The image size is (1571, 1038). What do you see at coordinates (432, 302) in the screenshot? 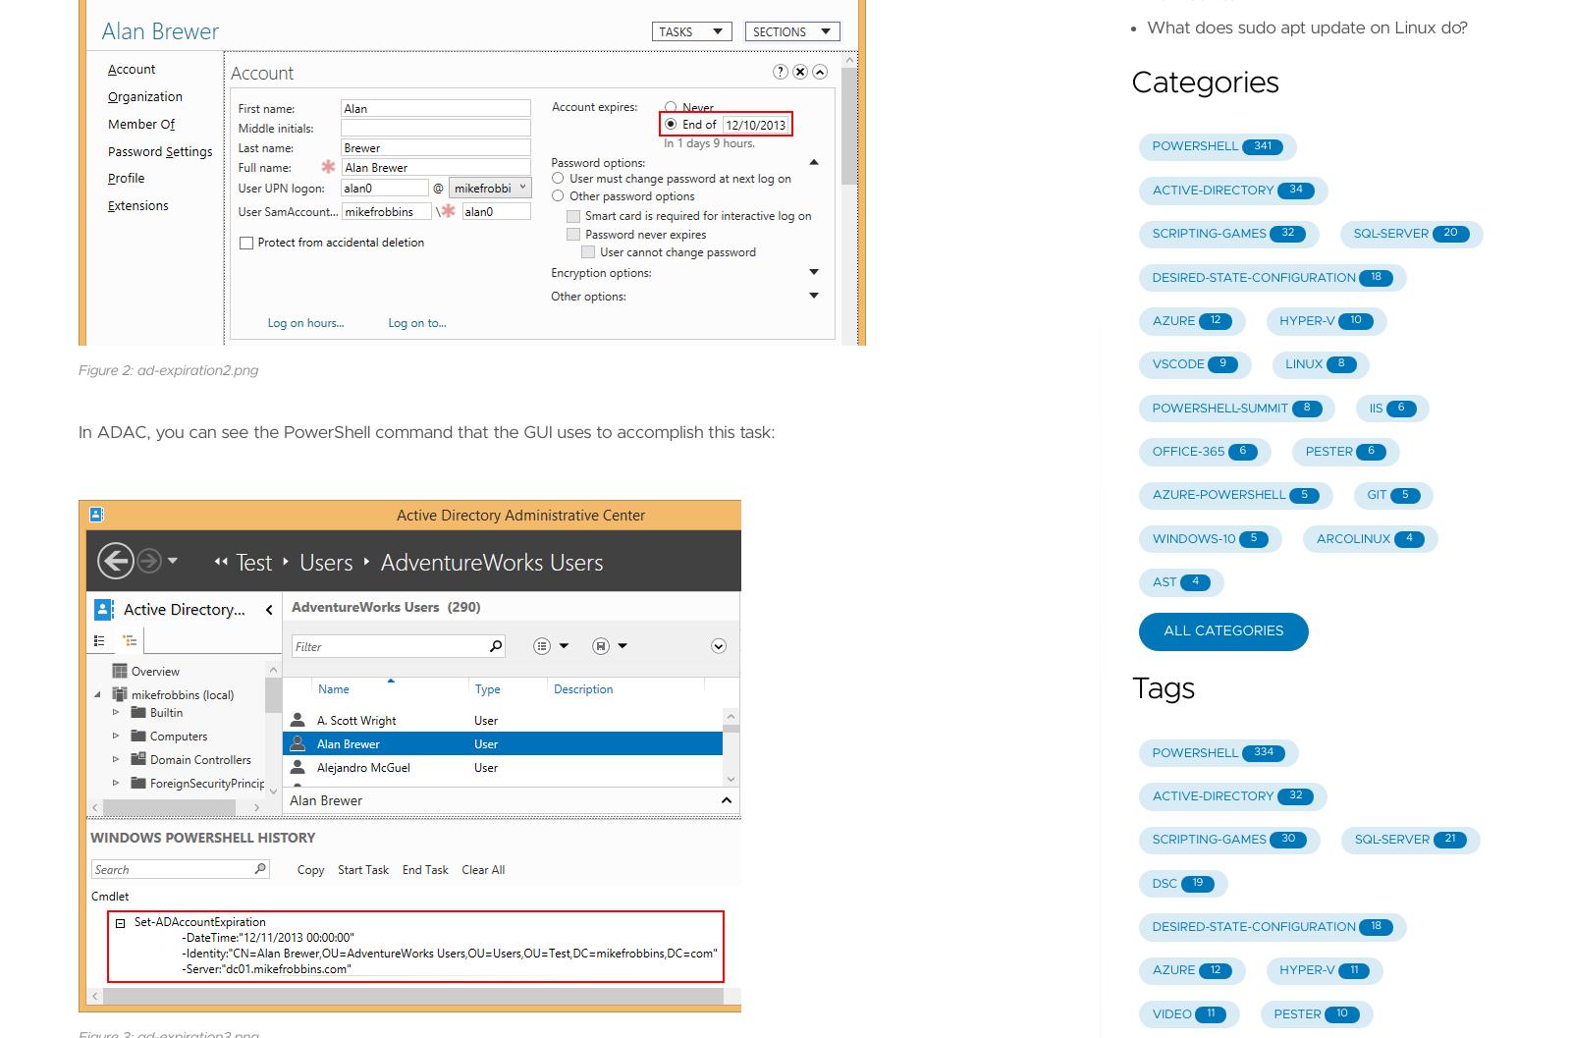
I see `','` at bounding box center [432, 302].